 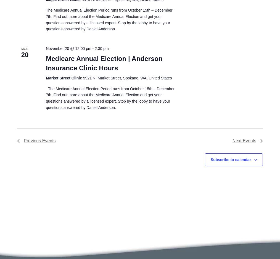 I want to click on 'Next', so click(x=237, y=141).